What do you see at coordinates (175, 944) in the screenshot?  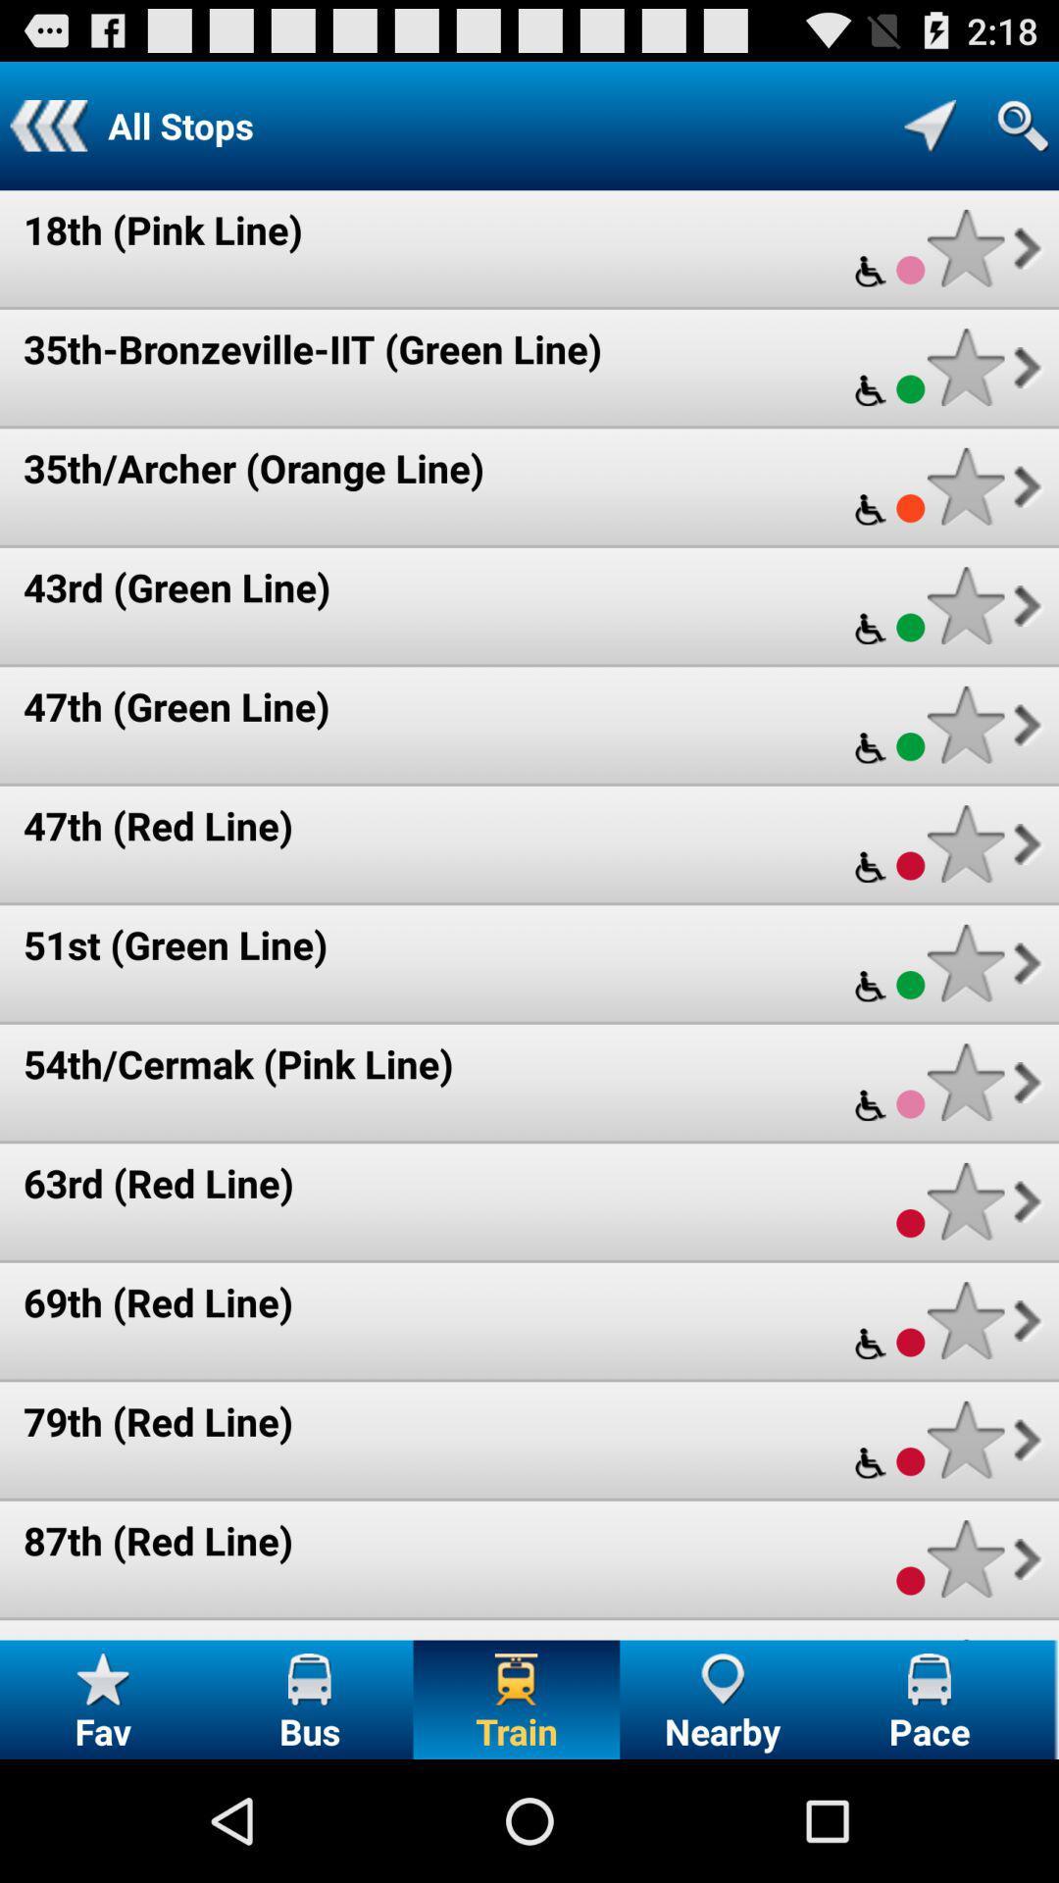 I see `the 51st (green line) app` at bounding box center [175, 944].